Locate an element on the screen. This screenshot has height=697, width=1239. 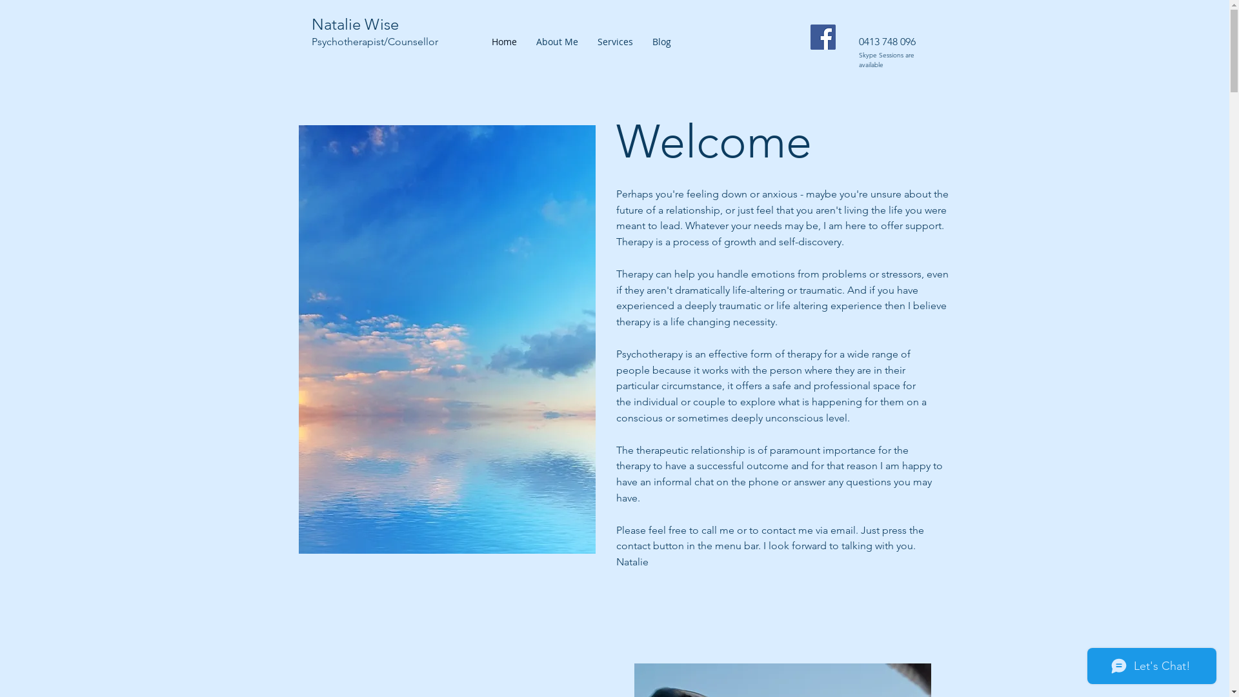
'Services' is located at coordinates (614, 41).